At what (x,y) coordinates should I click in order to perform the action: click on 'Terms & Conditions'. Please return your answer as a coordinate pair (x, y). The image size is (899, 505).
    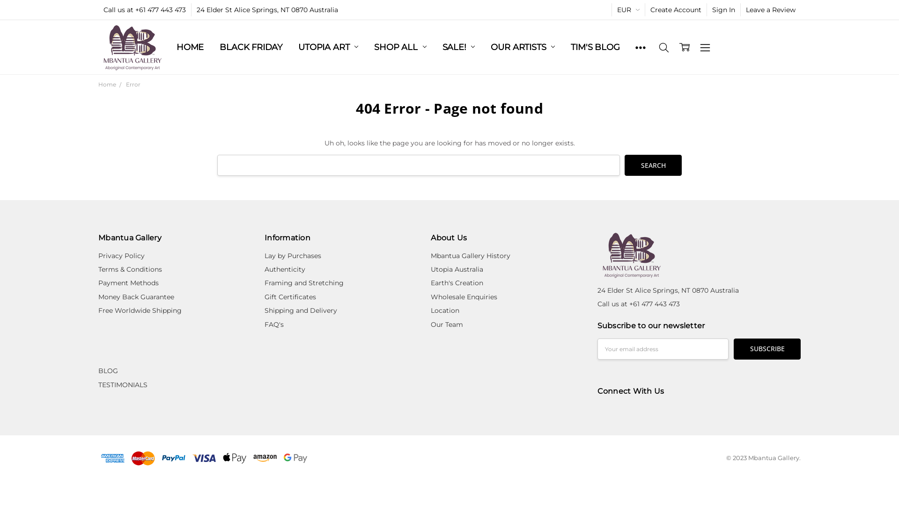
    Looking at the image, I should click on (130, 269).